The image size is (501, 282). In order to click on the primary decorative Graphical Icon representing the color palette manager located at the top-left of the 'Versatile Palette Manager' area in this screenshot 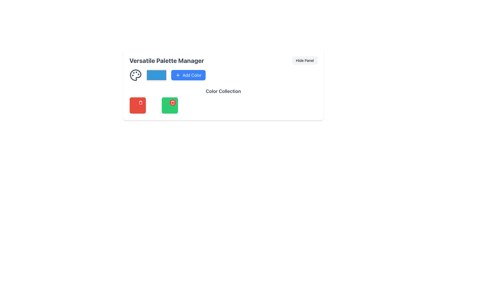, I will do `click(135, 75)`.